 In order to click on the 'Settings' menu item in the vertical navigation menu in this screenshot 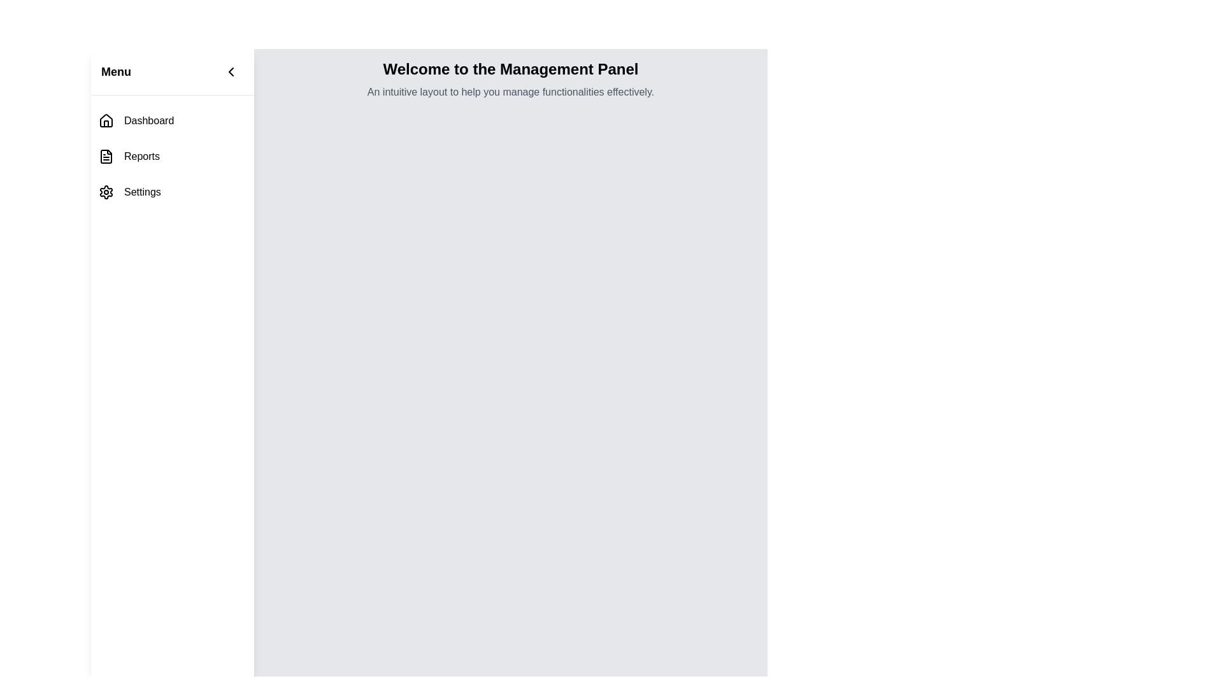, I will do `click(171, 192)`.